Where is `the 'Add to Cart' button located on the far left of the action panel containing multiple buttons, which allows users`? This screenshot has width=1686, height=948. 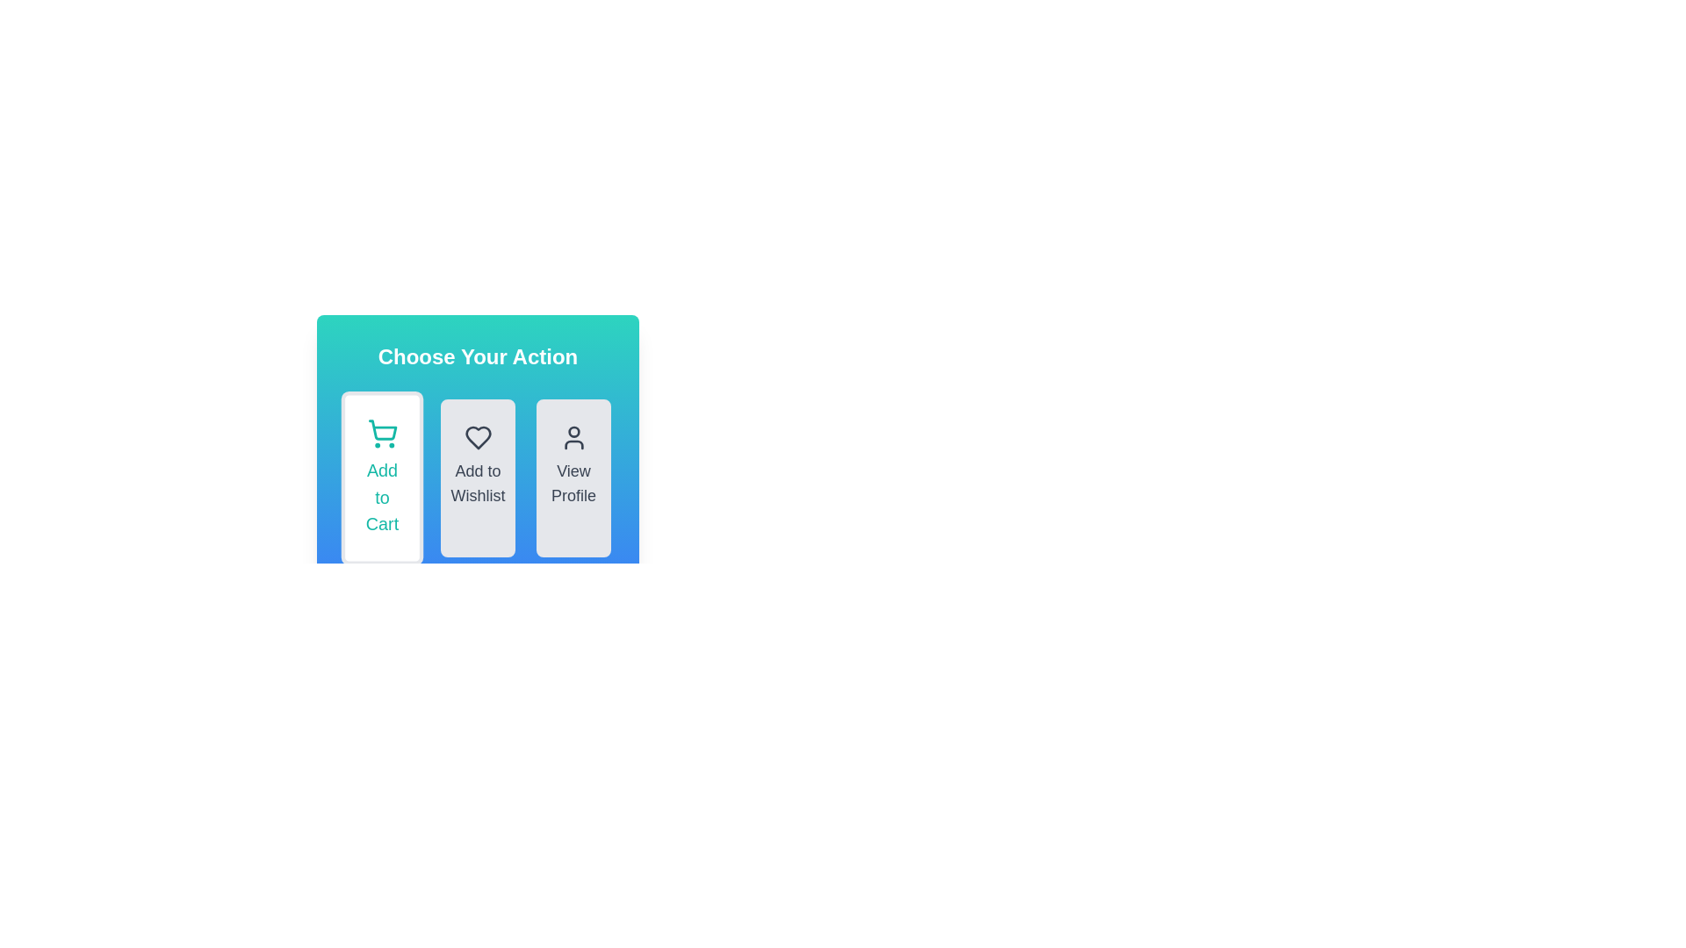
the 'Add to Cart' button located on the far left of the action panel containing multiple buttons, which allows users is located at coordinates (478, 428).